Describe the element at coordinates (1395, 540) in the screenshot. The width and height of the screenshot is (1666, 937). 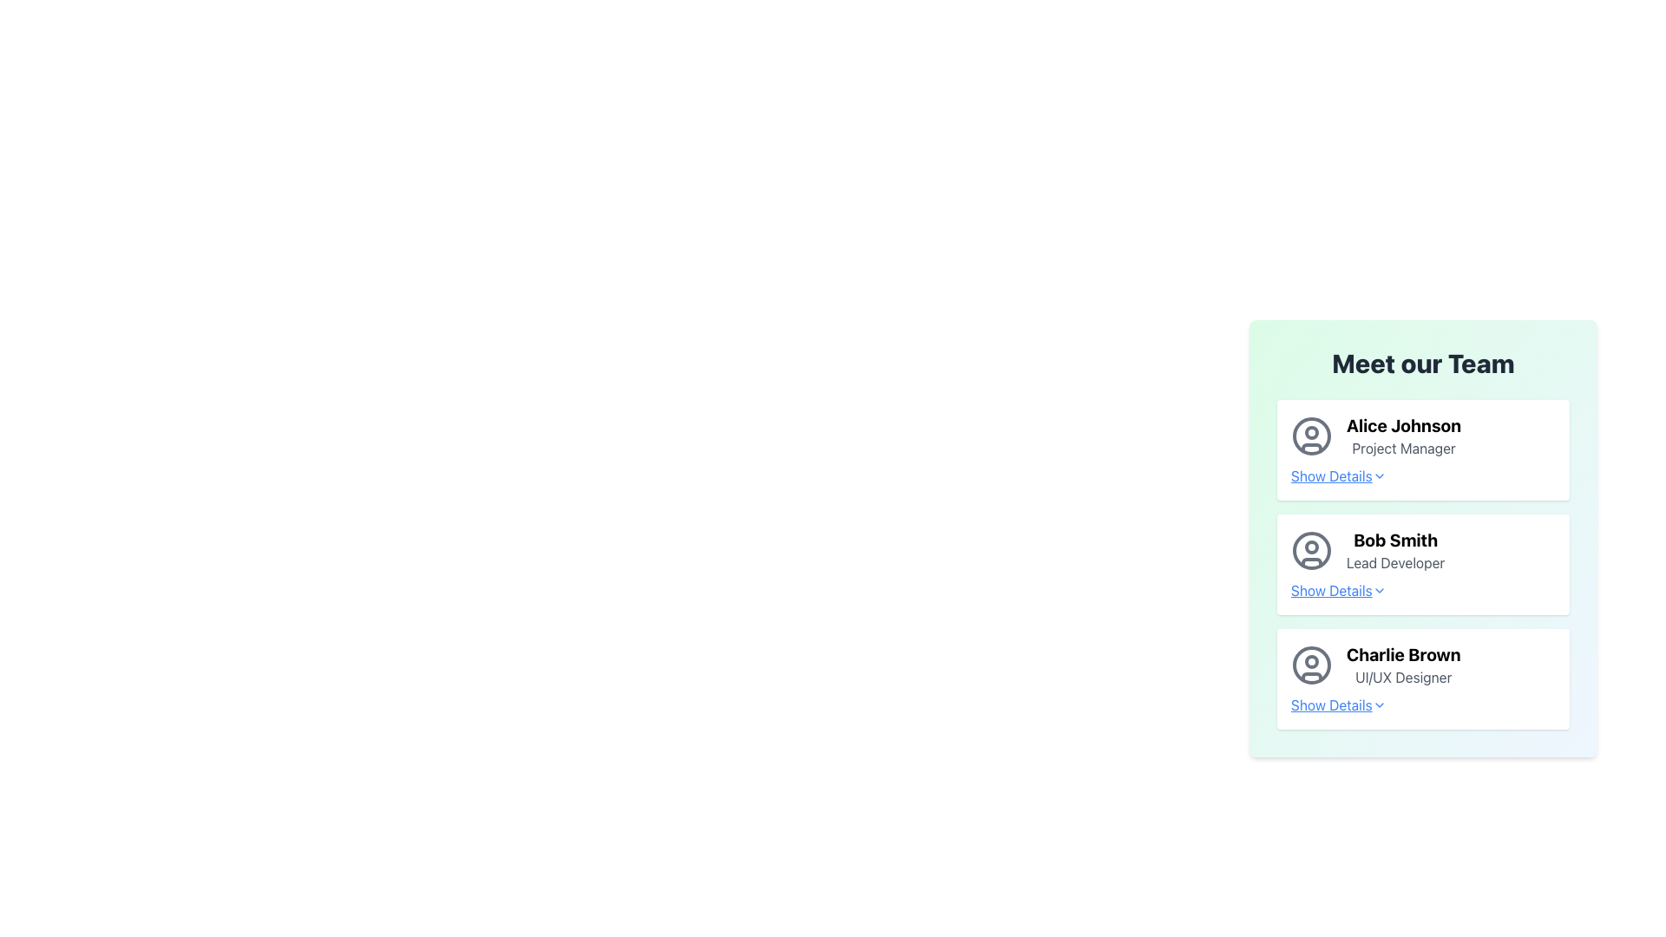
I see `the text label displaying 'Bob Smith', which is styled in bold and large font, positioned within a team member card in the 'Meet our Team' section` at that location.